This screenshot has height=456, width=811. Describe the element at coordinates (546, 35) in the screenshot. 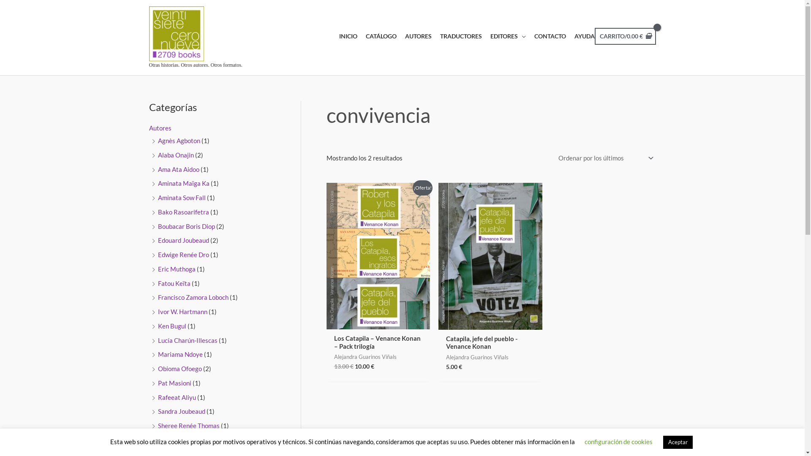

I see `'CONTACTO'` at that location.